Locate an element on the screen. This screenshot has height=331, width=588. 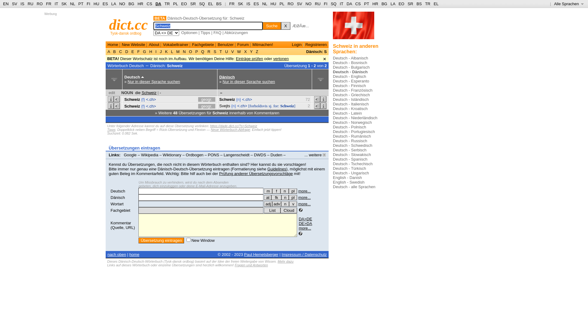
'DWDS' is located at coordinates (260, 154).